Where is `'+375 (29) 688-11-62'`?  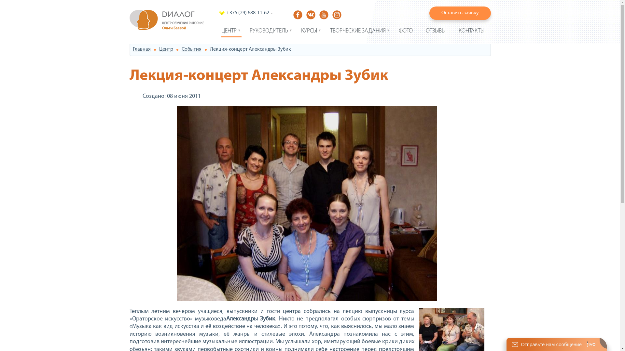
'+375 (29) 688-11-62' is located at coordinates (247, 13).